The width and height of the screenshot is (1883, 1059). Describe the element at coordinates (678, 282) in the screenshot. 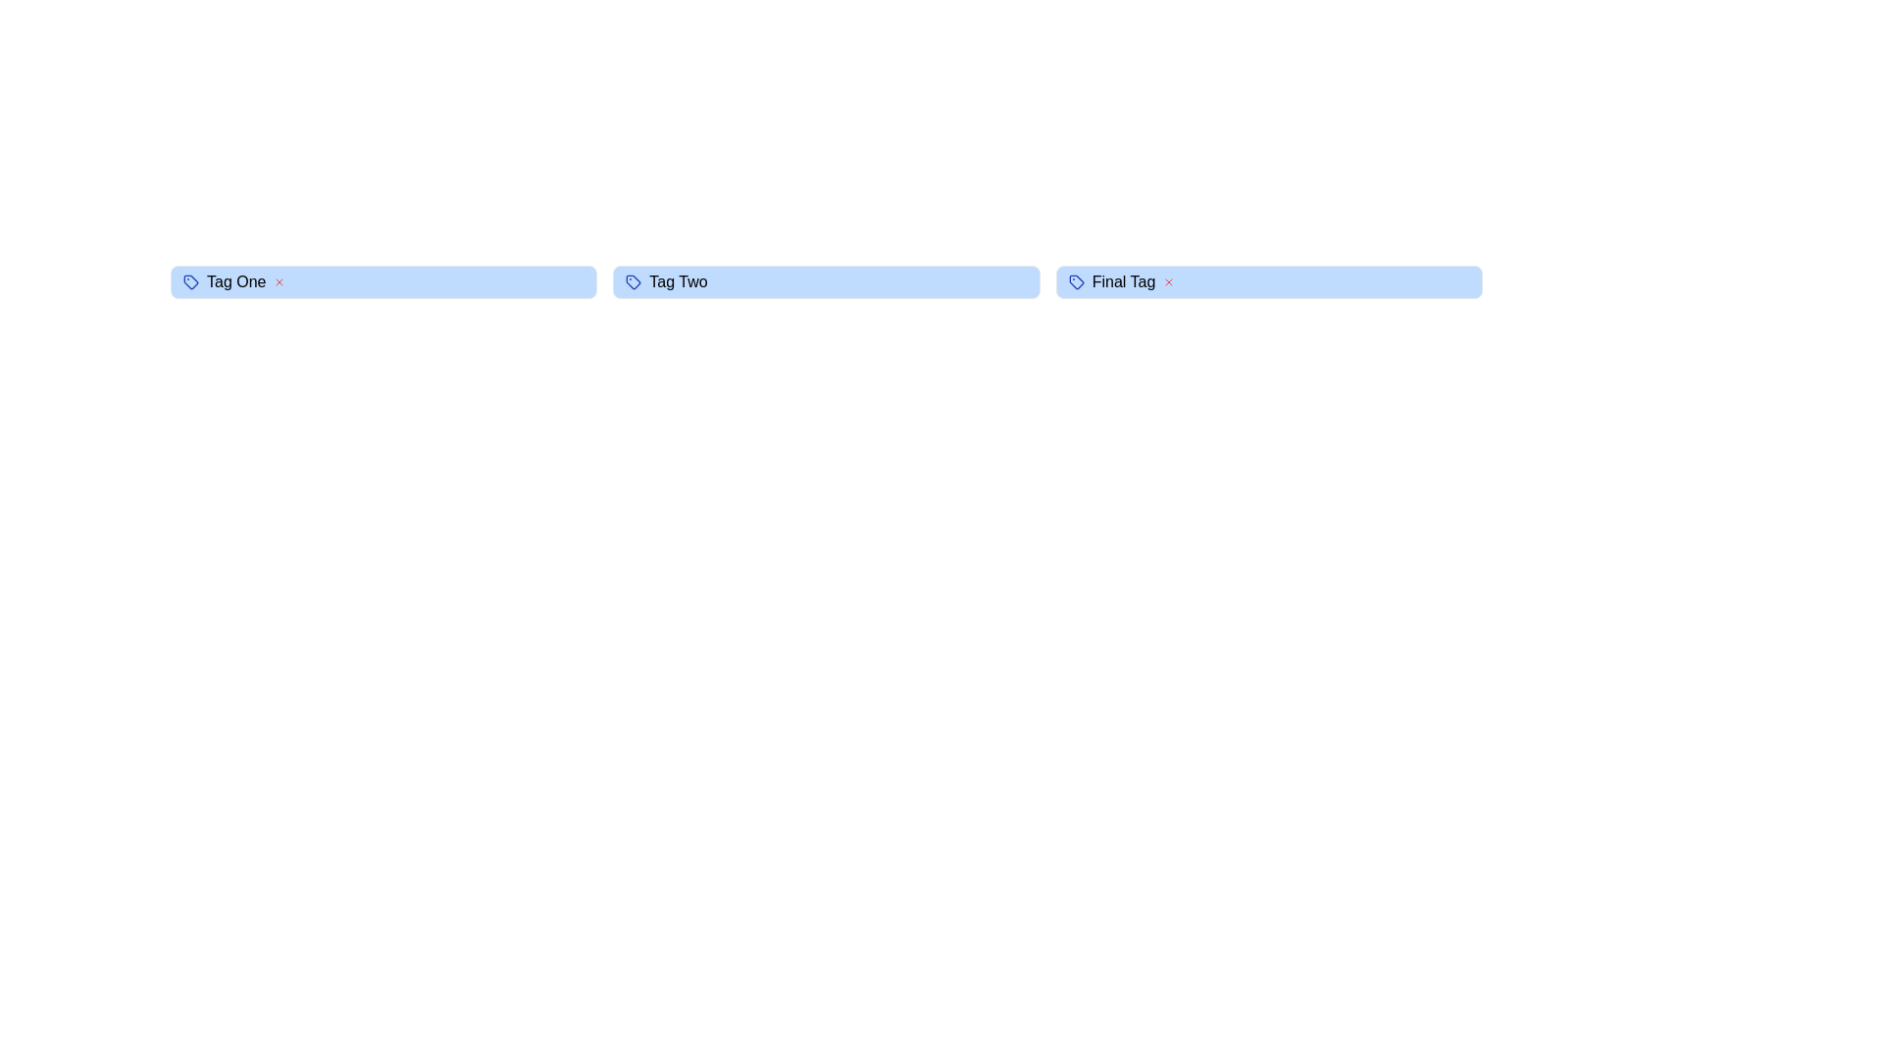

I see `the content displayed in the text label that shows 'Tag Two', which is visually represented within a rounded rectangular blue background, accompanied by a tag-shaped icon on the left` at that location.